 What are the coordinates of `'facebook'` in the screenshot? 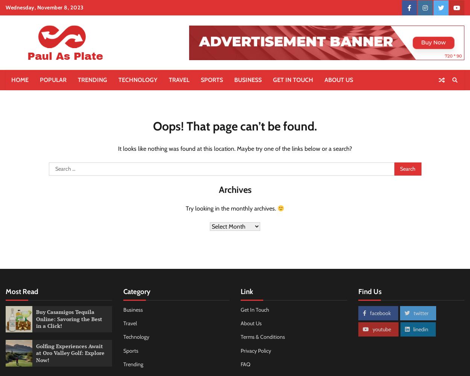 It's located at (369, 312).